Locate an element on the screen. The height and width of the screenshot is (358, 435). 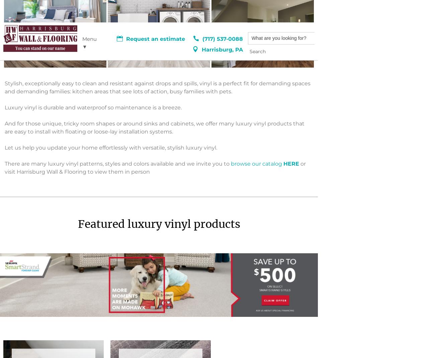
'Services' is located at coordinates (13, 270).